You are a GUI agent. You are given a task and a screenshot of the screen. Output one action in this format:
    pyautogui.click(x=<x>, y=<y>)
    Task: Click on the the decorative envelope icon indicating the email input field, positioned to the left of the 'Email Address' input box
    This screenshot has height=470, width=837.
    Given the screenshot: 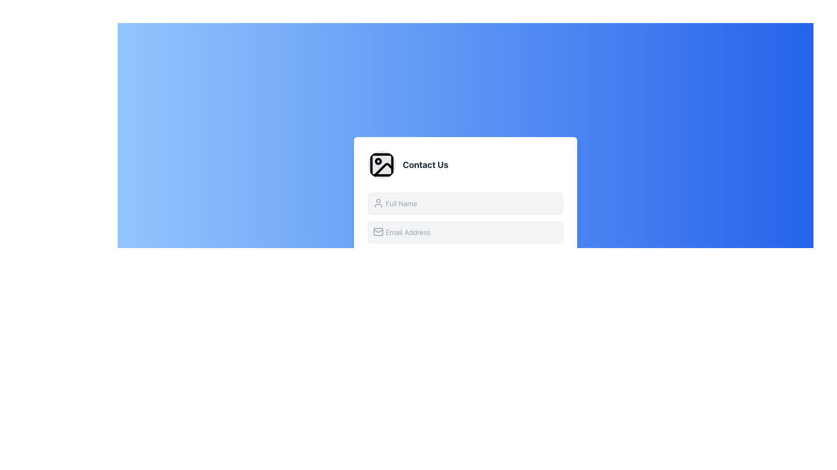 What is the action you would take?
    pyautogui.click(x=378, y=231)
    